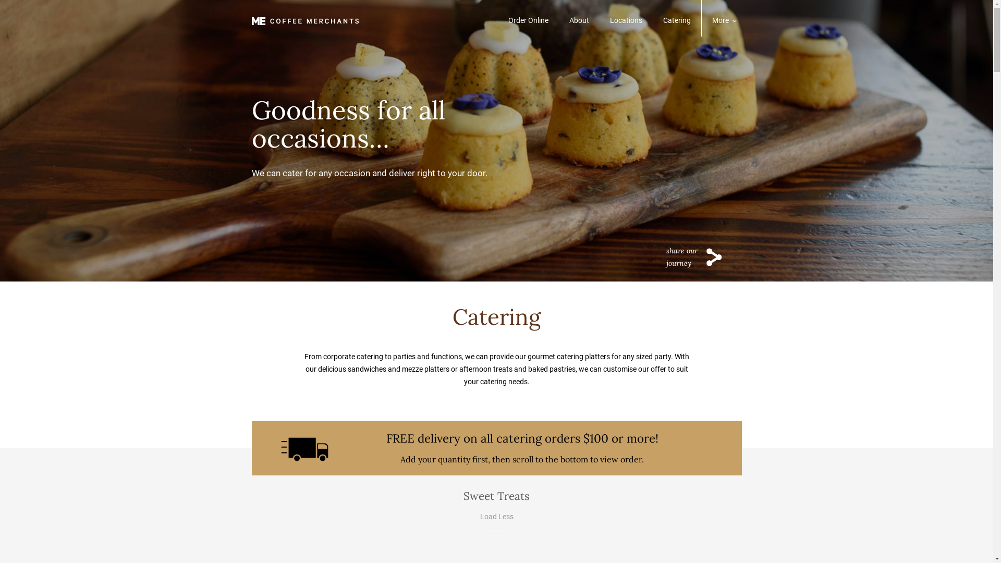 Image resolution: width=1001 pixels, height=563 pixels. I want to click on 'Catering', so click(677, 20).